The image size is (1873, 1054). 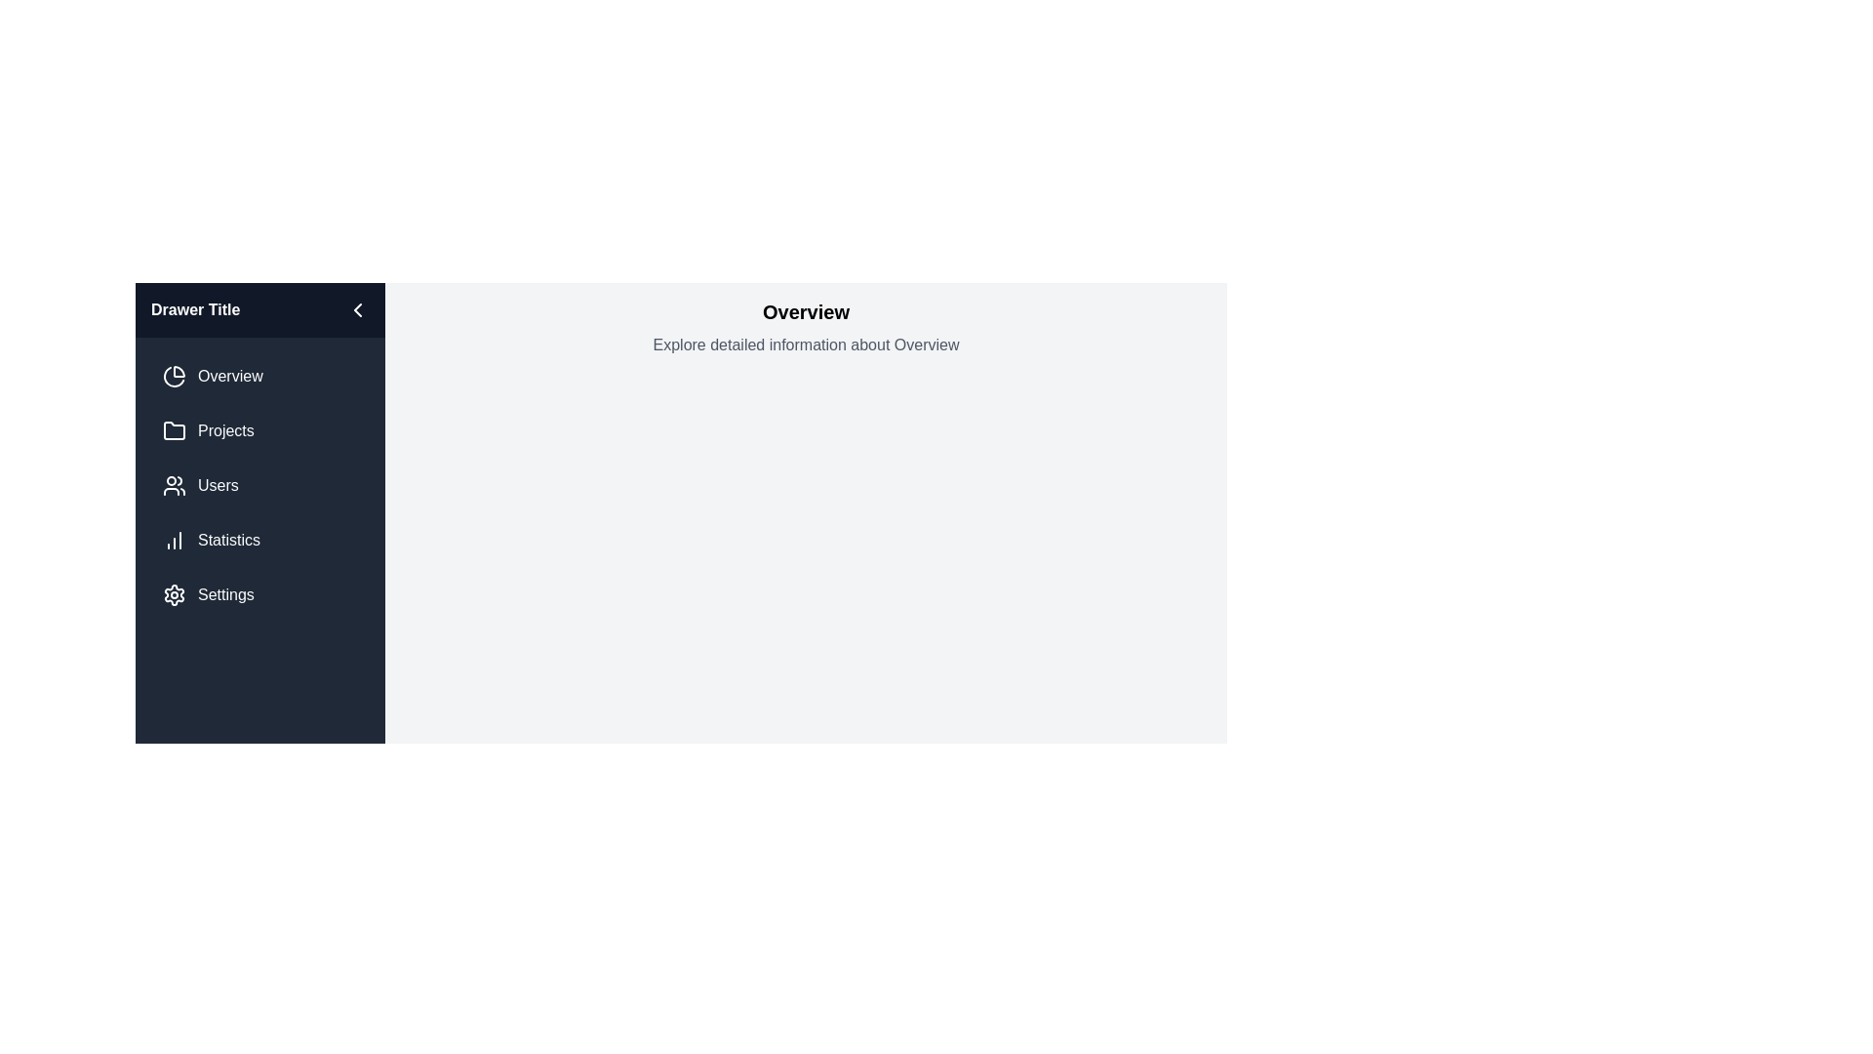 I want to click on the menu item corresponding to Overview in the sidebar to navigate to that section, so click(x=259, y=376).